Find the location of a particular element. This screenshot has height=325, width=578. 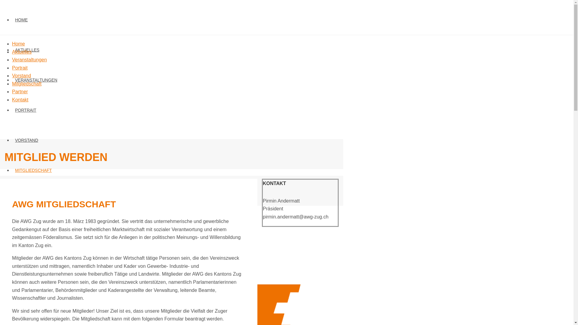

'Veranstaltungen' is located at coordinates (12, 60).